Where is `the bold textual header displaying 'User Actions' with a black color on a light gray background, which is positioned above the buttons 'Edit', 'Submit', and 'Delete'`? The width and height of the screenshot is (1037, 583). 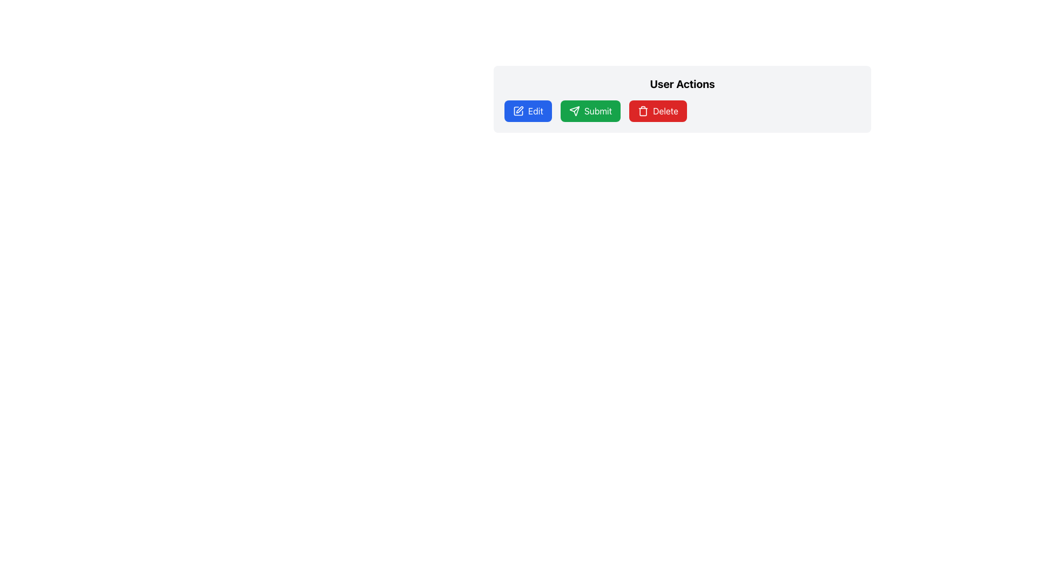 the bold textual header displaying 'User Actions' with a black color on a light gray background, which is positioned above the buttons 'Edit', 'Submit', and 'Delete' is located at coordinates (682, 83).